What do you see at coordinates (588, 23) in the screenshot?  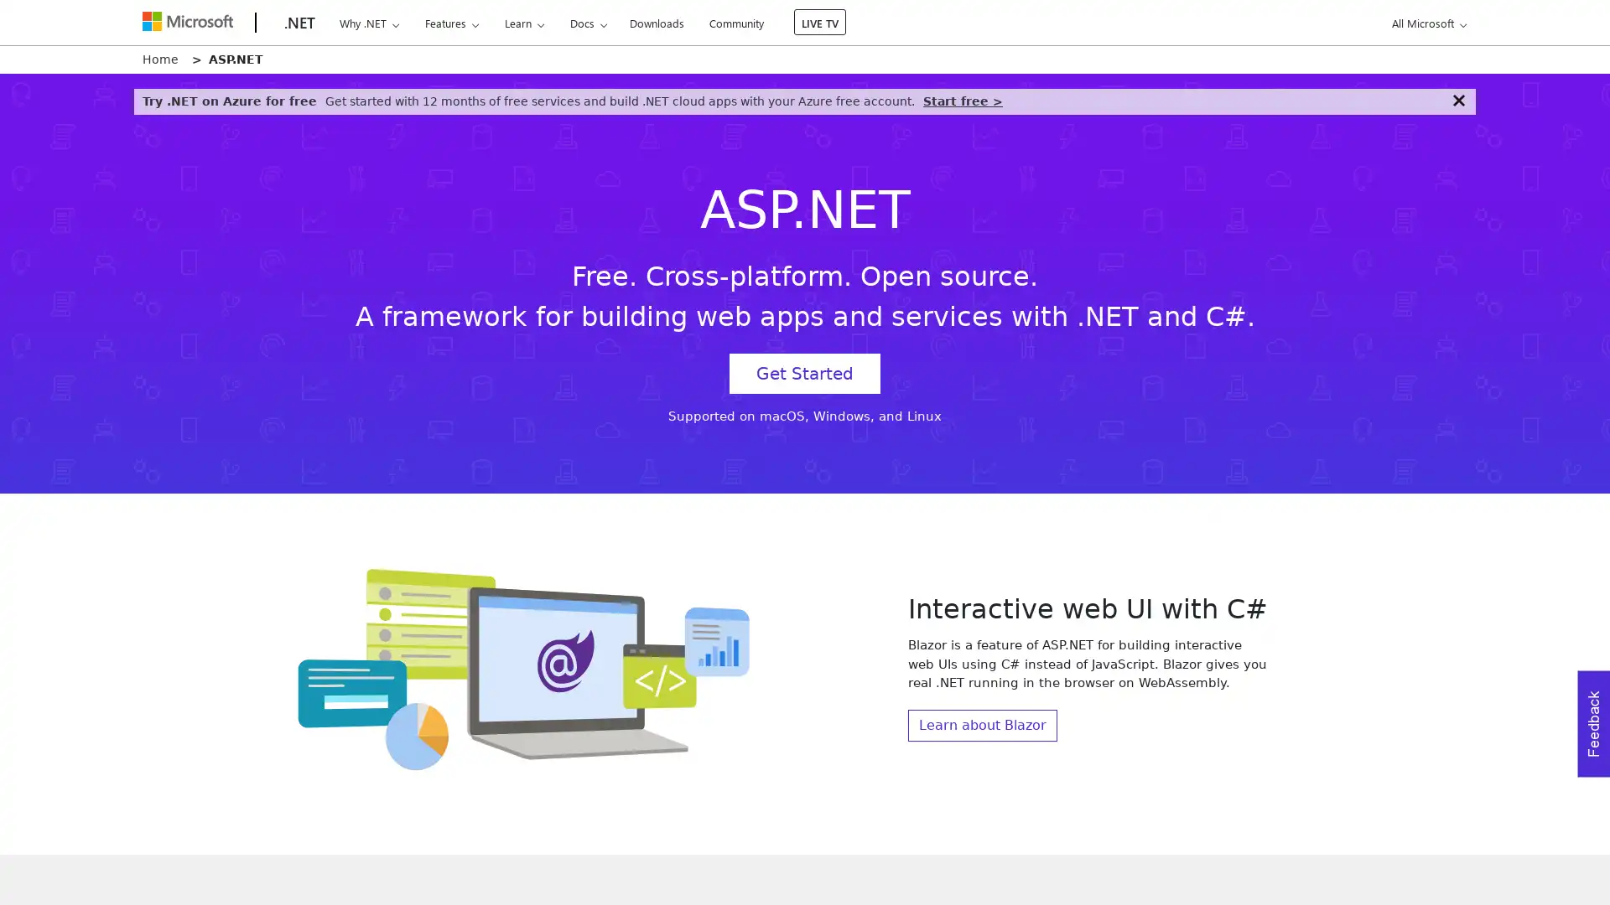 I see `Docs` at bounding box center [588, 23].